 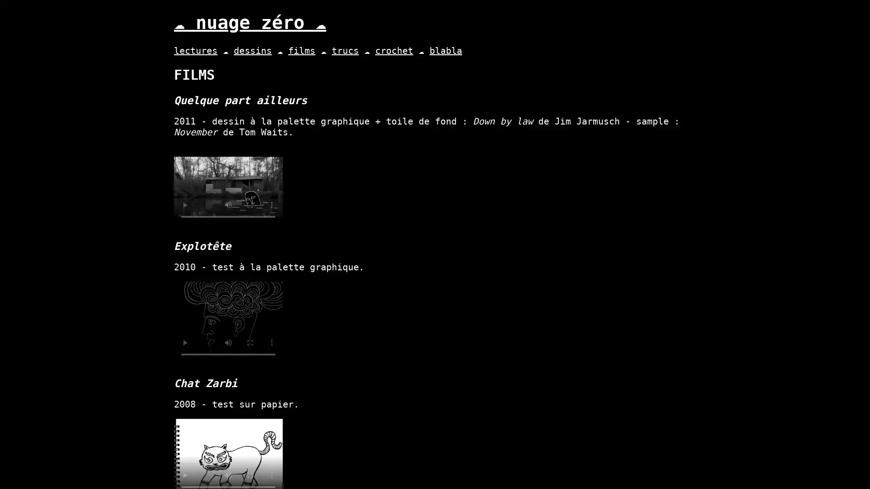 What do you see at coordinates (228, 342) in the screenshot?
I see `mute` at bounding box center [228, 342].